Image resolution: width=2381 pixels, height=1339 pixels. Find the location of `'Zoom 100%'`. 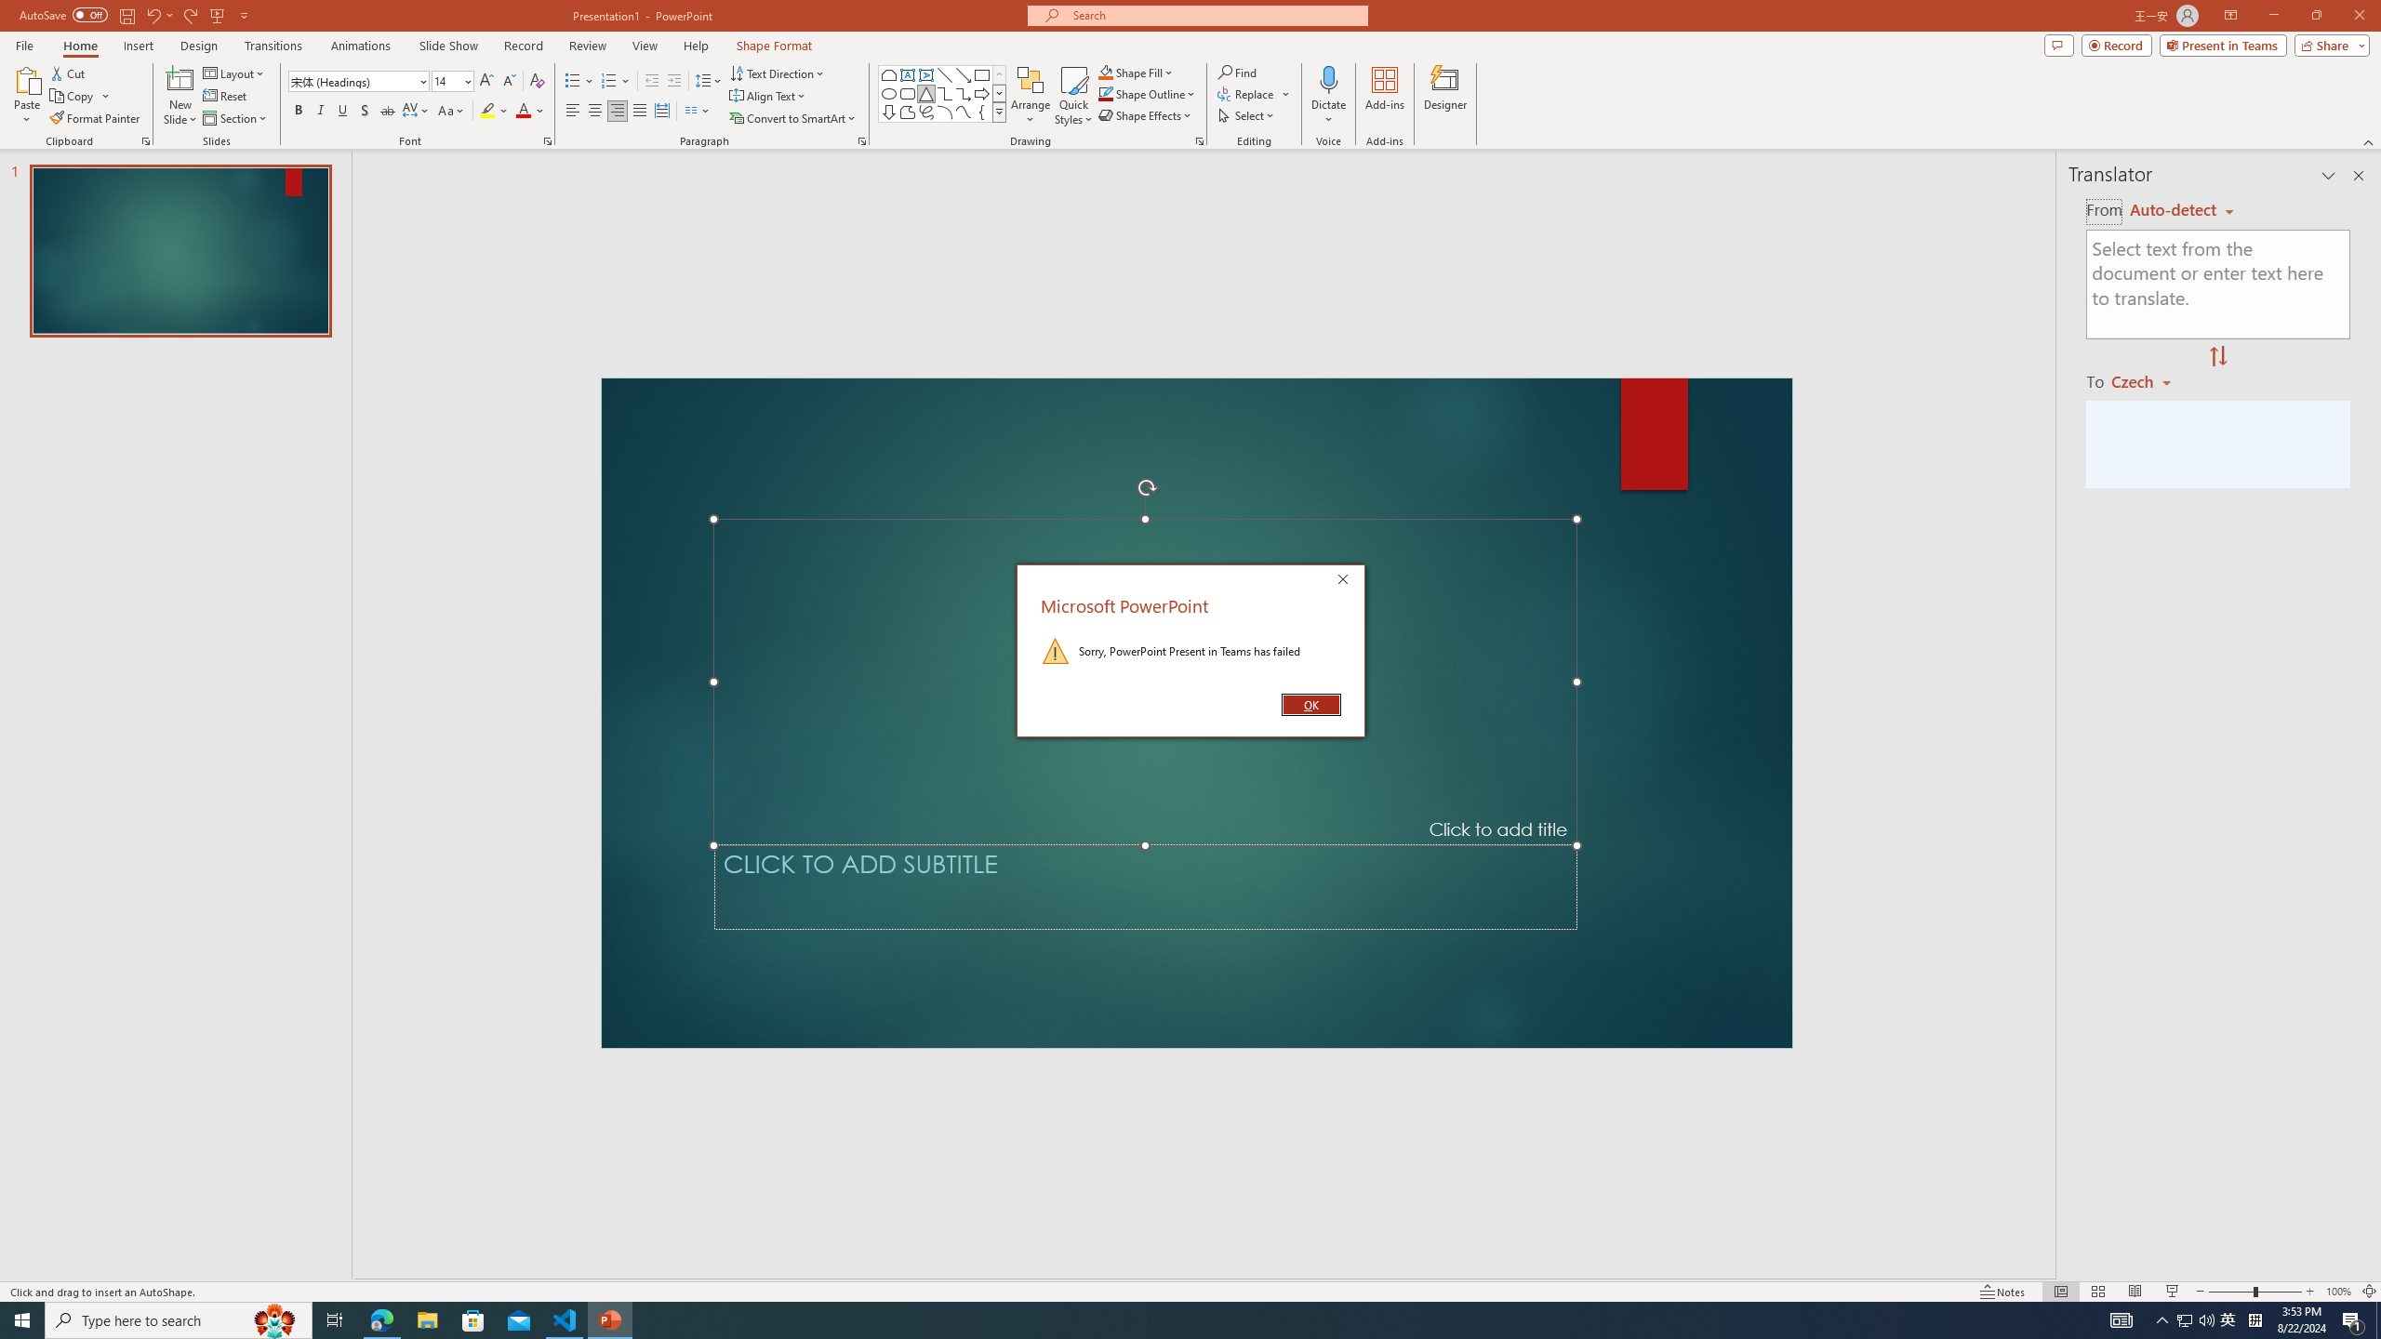

'Zoom 100%' is located at coordinates (2339, 1292).